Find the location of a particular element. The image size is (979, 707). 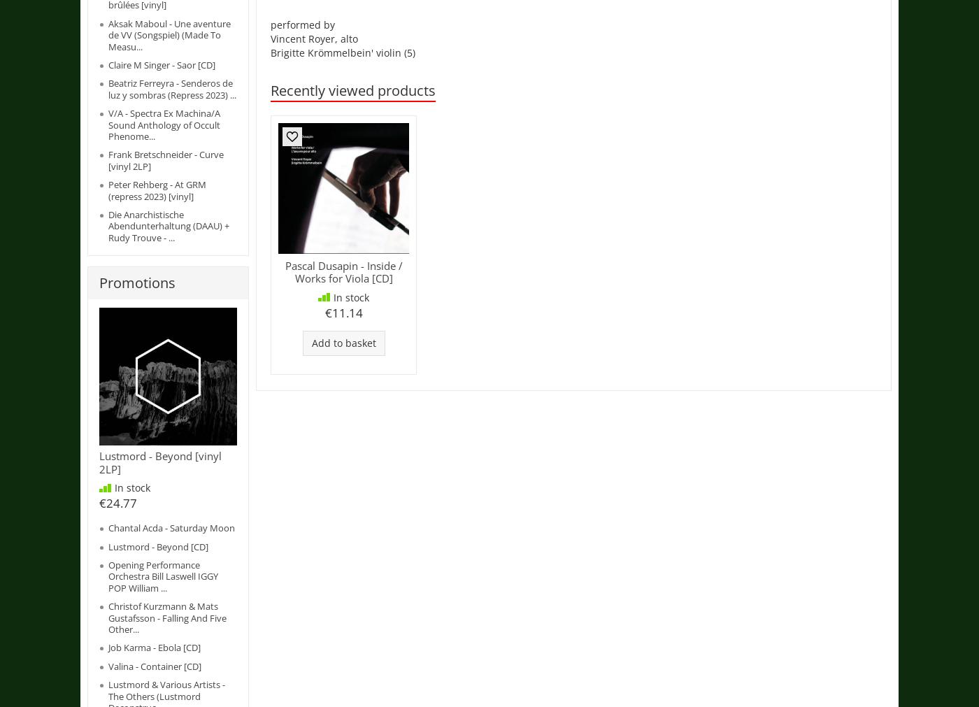

'Add to basket' is located at coordinates (311, 341).